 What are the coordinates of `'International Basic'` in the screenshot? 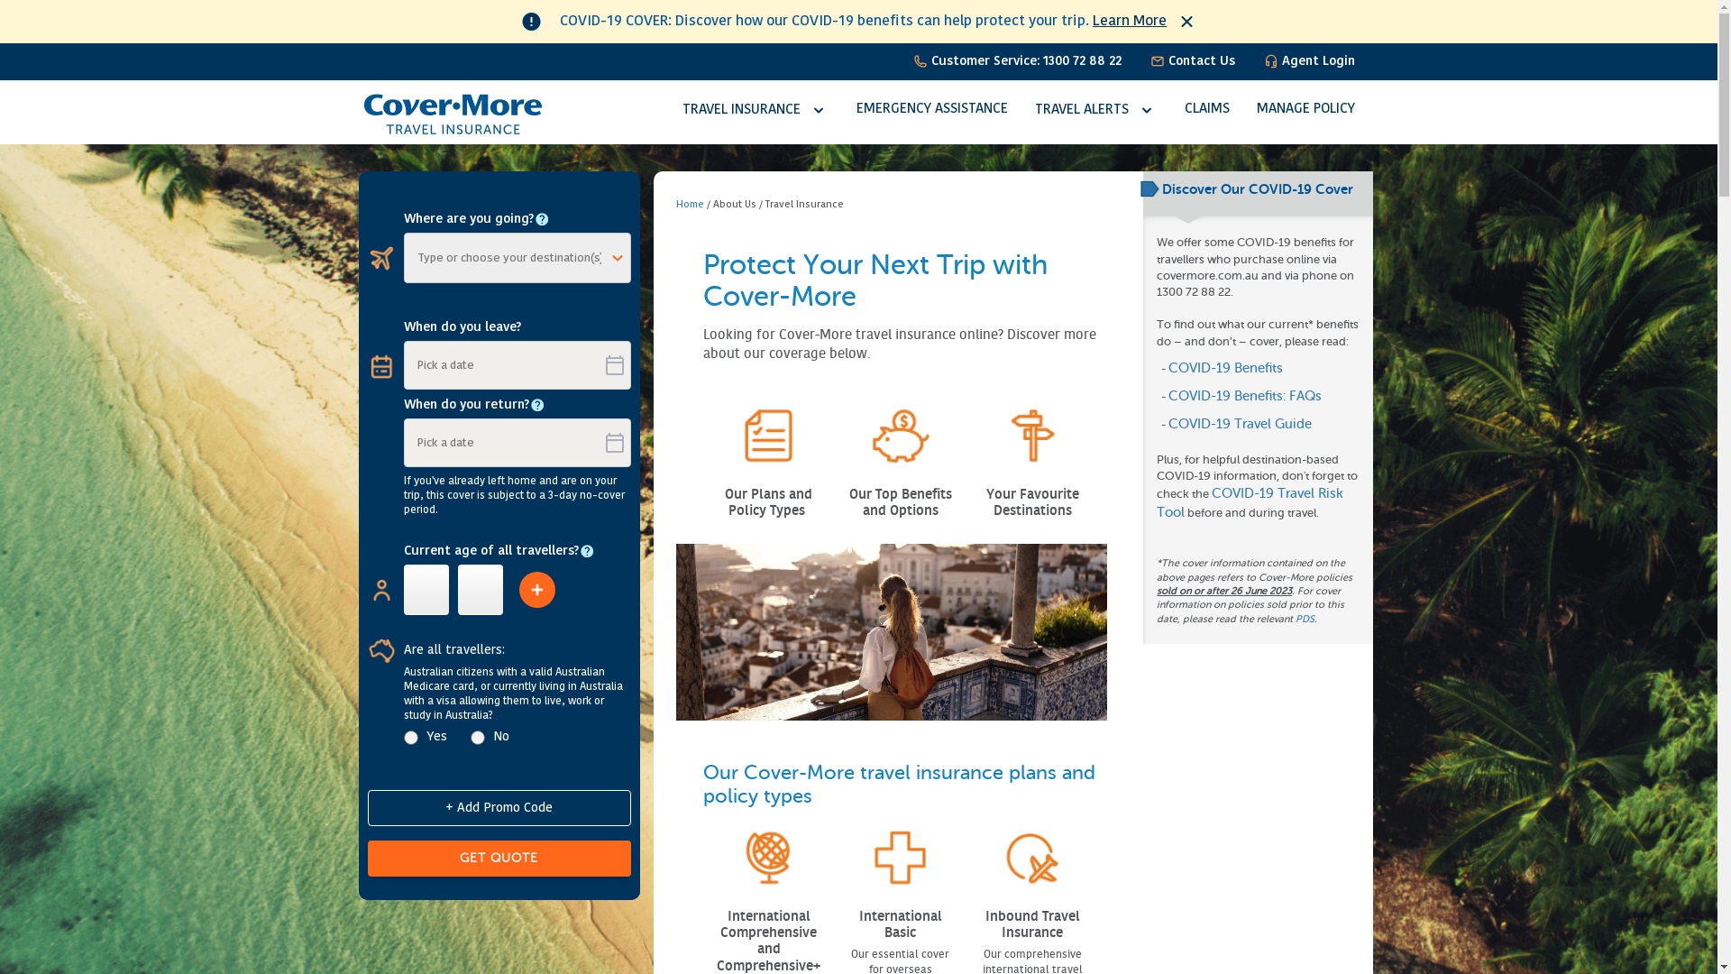 It's located at (900, 924).